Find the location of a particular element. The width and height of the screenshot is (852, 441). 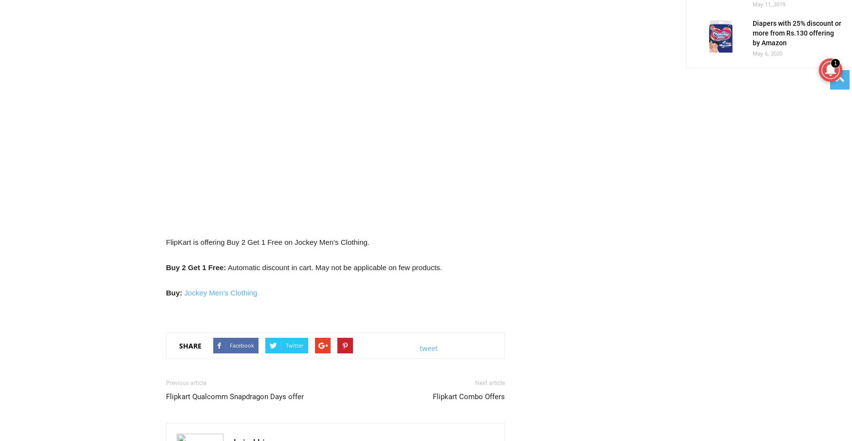

'Flipkart Combo Offers' is located at coordinates (469, 397).